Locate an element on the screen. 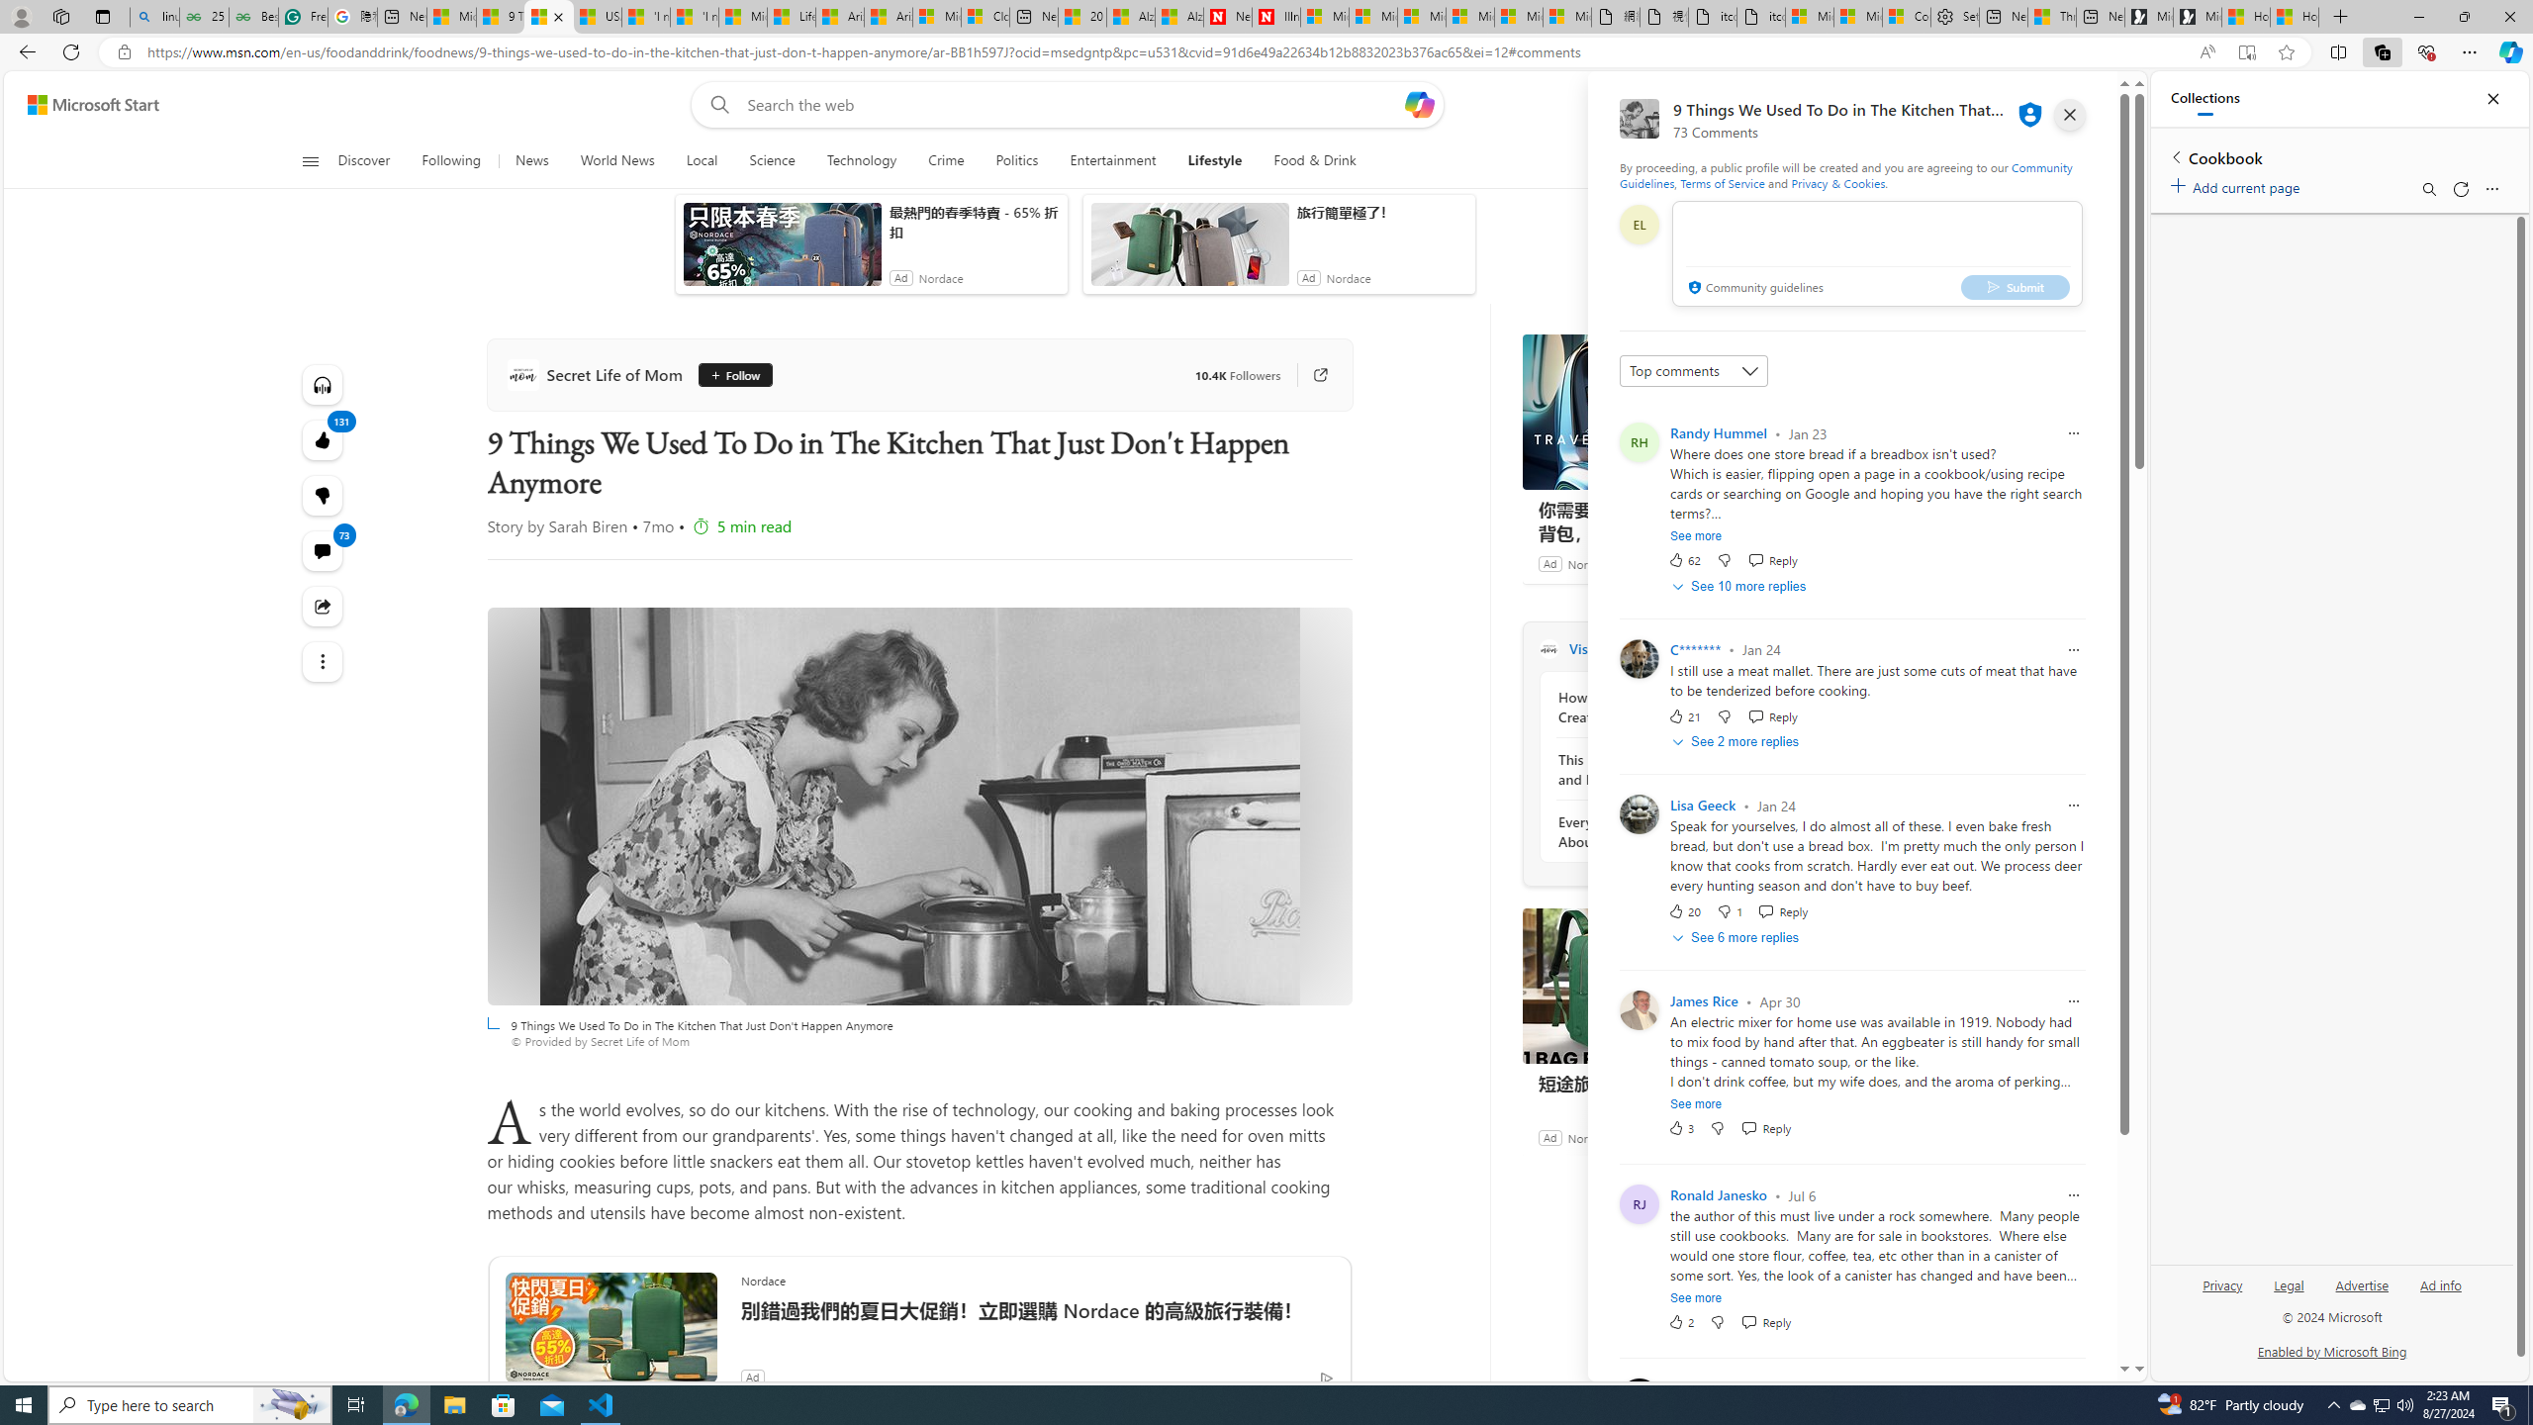 This screenshot has height=1425, width=2533. 'Ronald Janesko' is located at coordinates (1718, 1194).